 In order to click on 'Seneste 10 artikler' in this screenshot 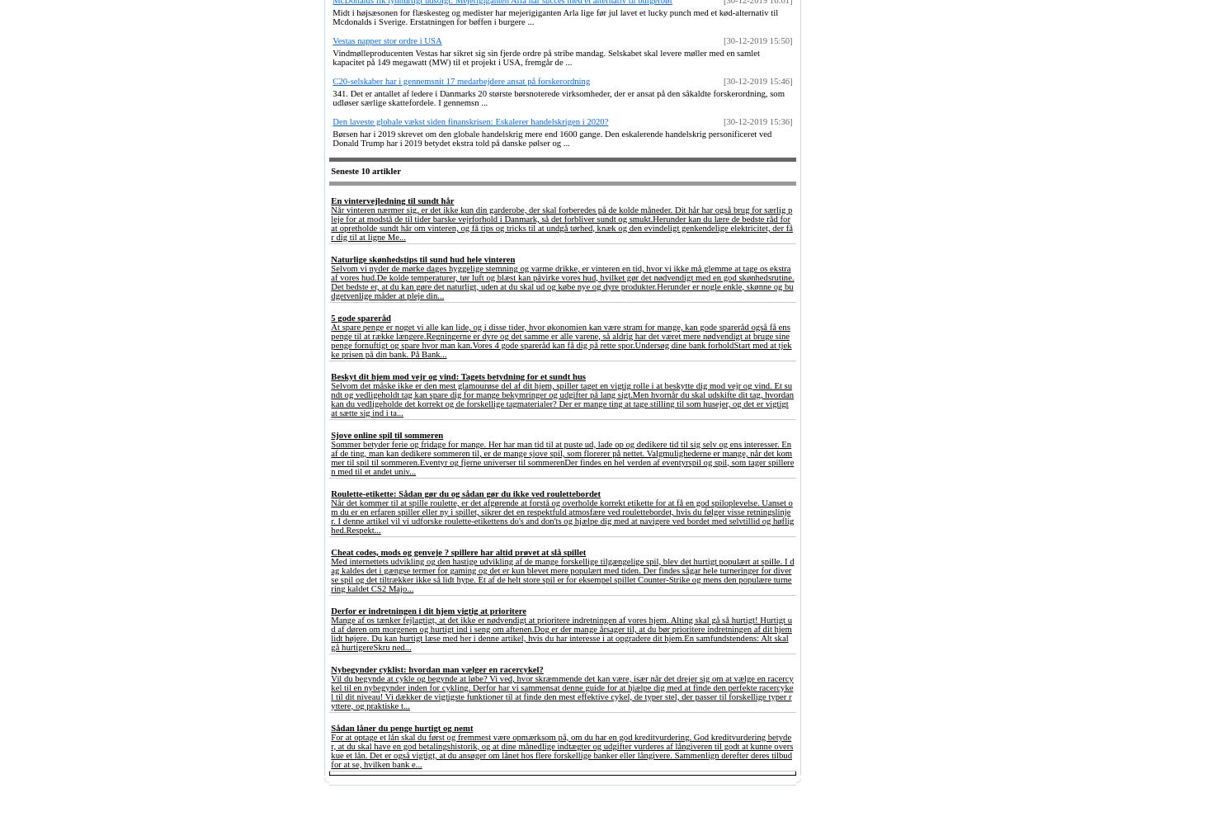, I will do `click(364, 171)`.